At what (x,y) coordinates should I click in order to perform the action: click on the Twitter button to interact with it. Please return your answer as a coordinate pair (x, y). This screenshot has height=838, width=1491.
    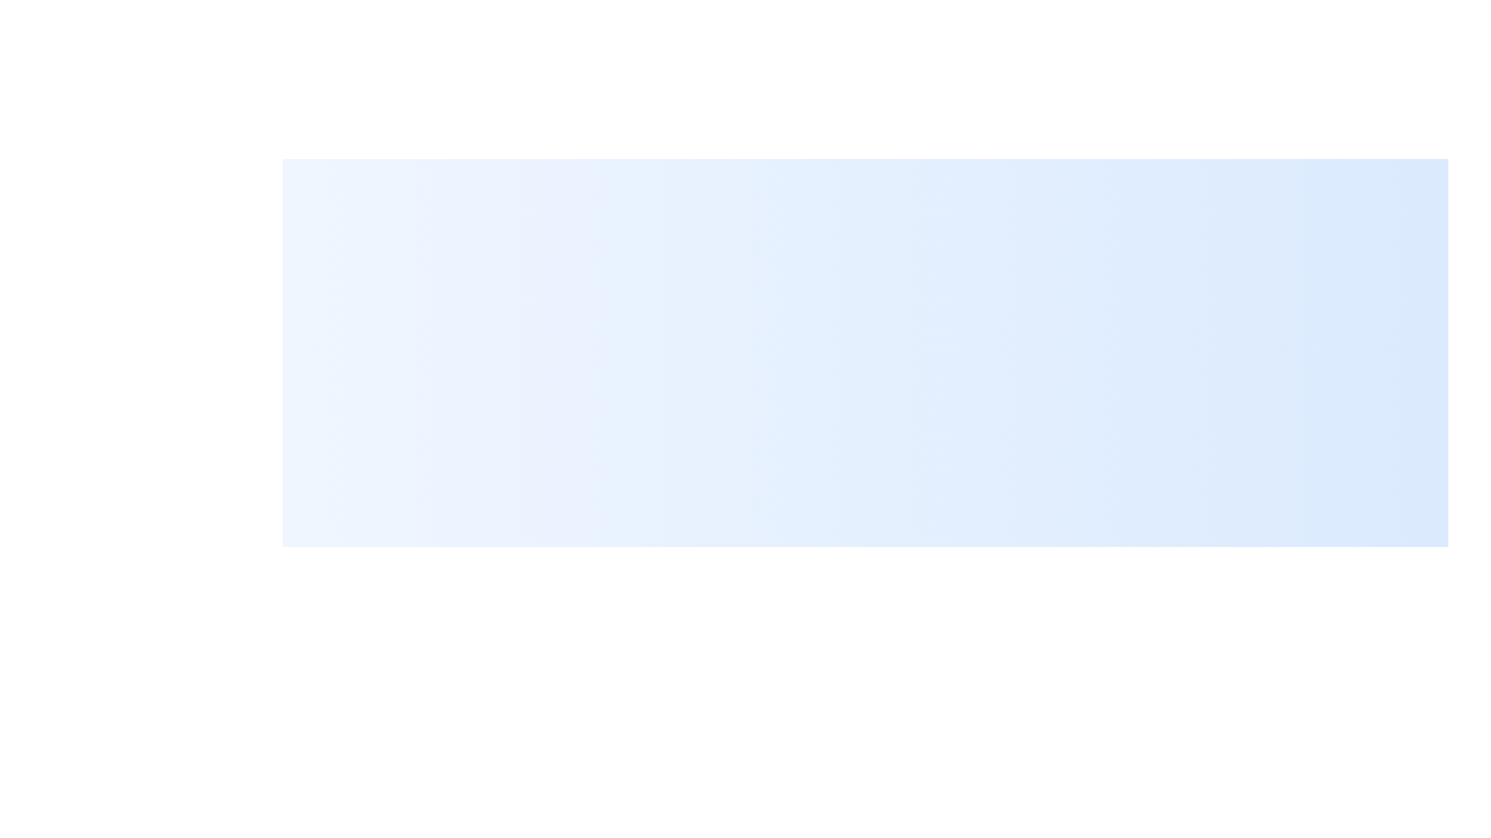
    Looking at the image, I should click on (1430, 819).